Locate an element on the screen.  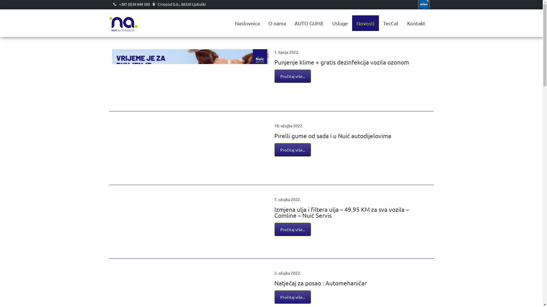
'Kontakt' is located at coordinates (416, 23).